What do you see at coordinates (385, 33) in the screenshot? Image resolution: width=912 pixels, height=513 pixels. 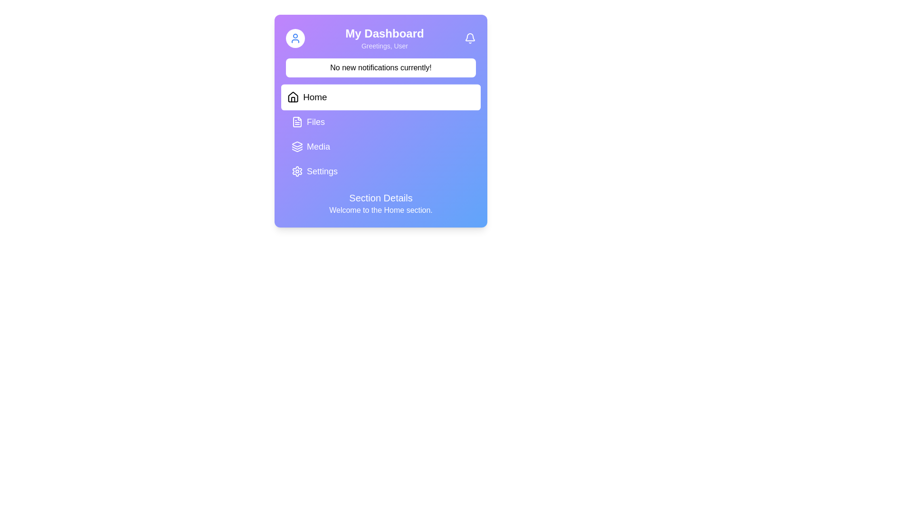 I see `the Text label at the top of the card interface, which serves as a title or heading for the current section` at bounding box center [385, 33].